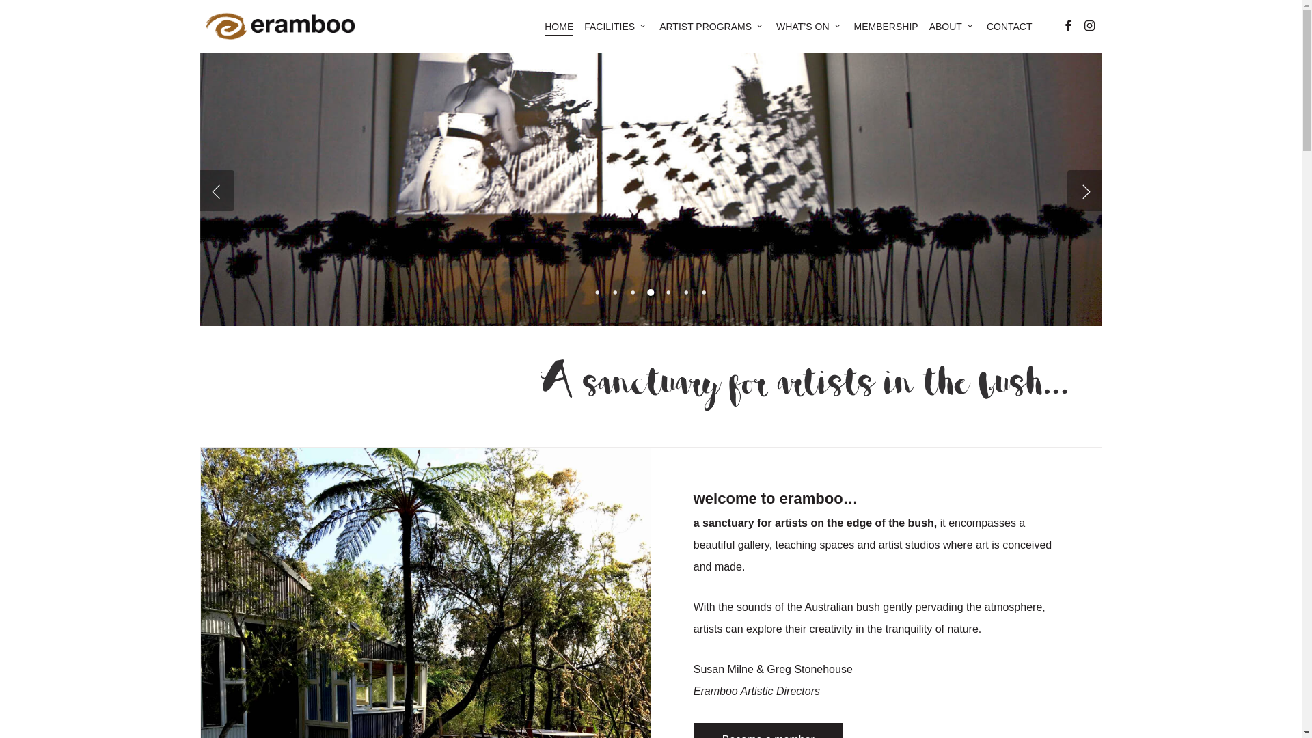  Describe the element at coordinates (1088, 26) in the screenshot. I see `'INSTAGRAM'` at that location.